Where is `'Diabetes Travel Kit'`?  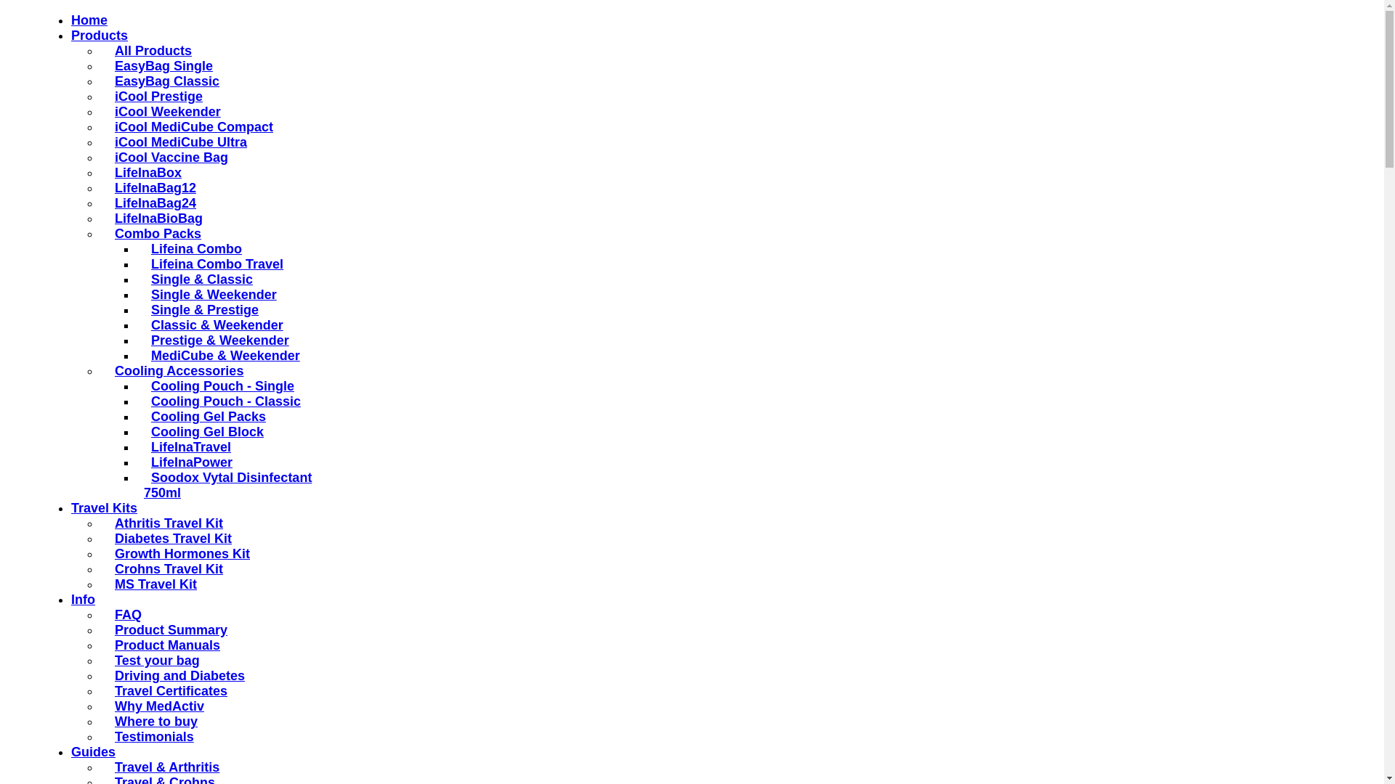 'Diabetes Travel Kit' is located at coordinates (169, 538).